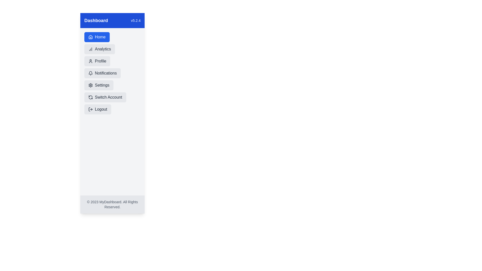  I want to click on the 'Logout' button with a log-out arrow icon, located at the bottom of the sidebar menu, to log out, so click(98, 109).